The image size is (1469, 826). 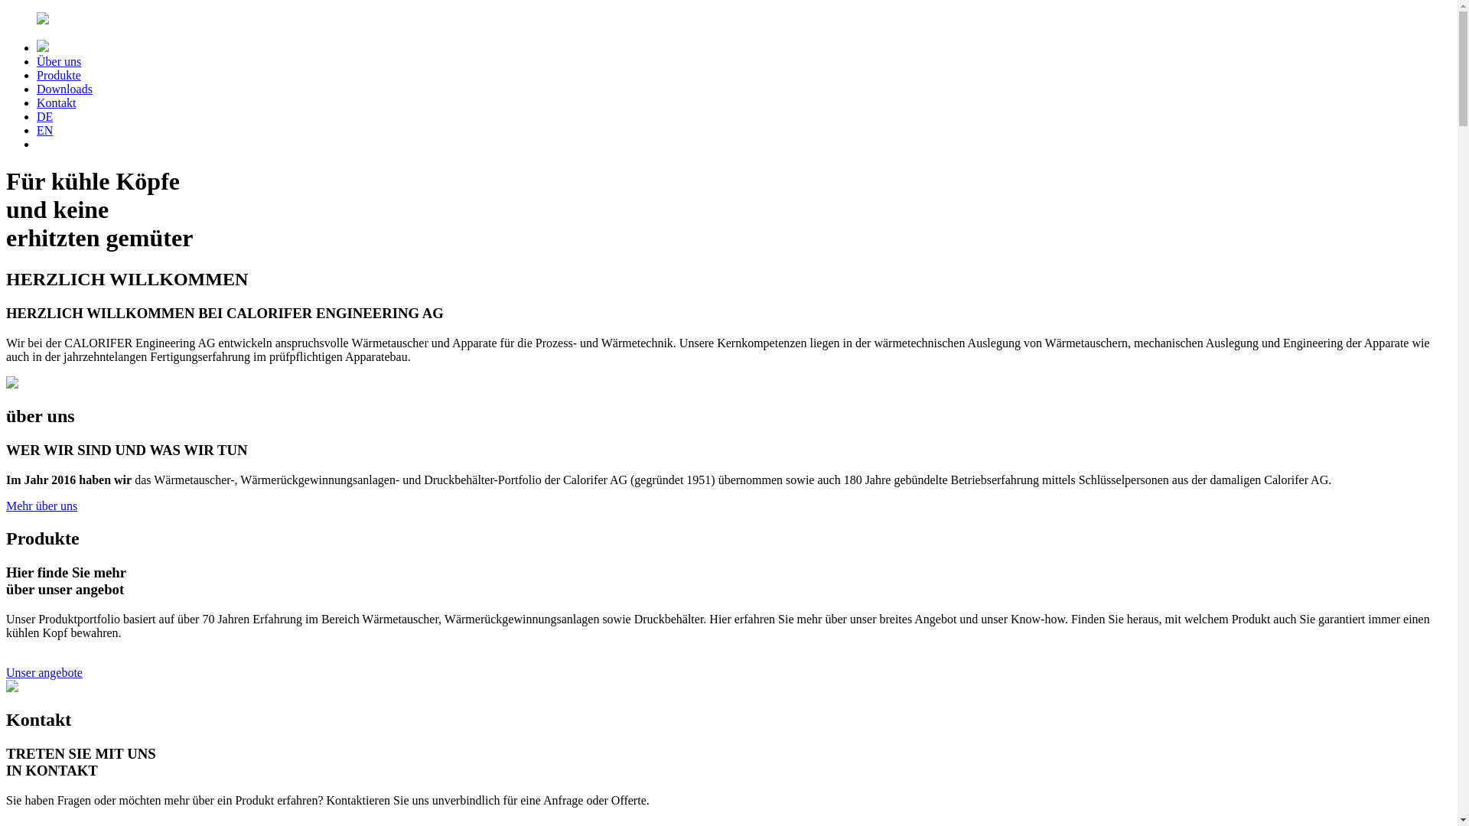 I want to click on 'Produkte', so click(x=58, y=75).